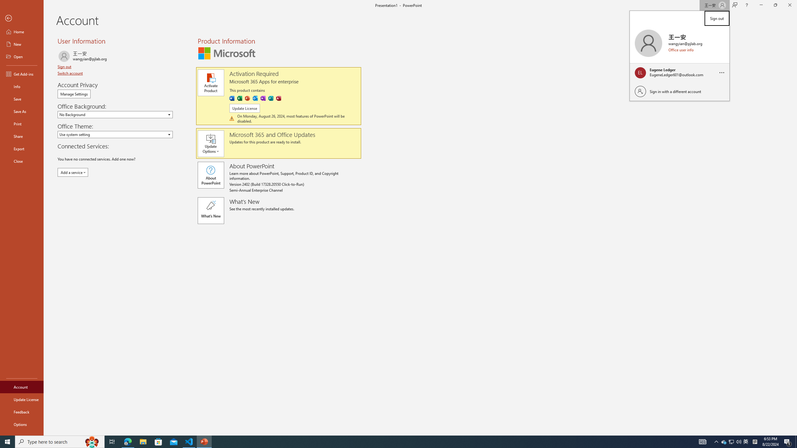  What do you see at coordinates (21, 74) in the screenshot?
I see `'Get Add-ins'` at bounding box center [21, 74].